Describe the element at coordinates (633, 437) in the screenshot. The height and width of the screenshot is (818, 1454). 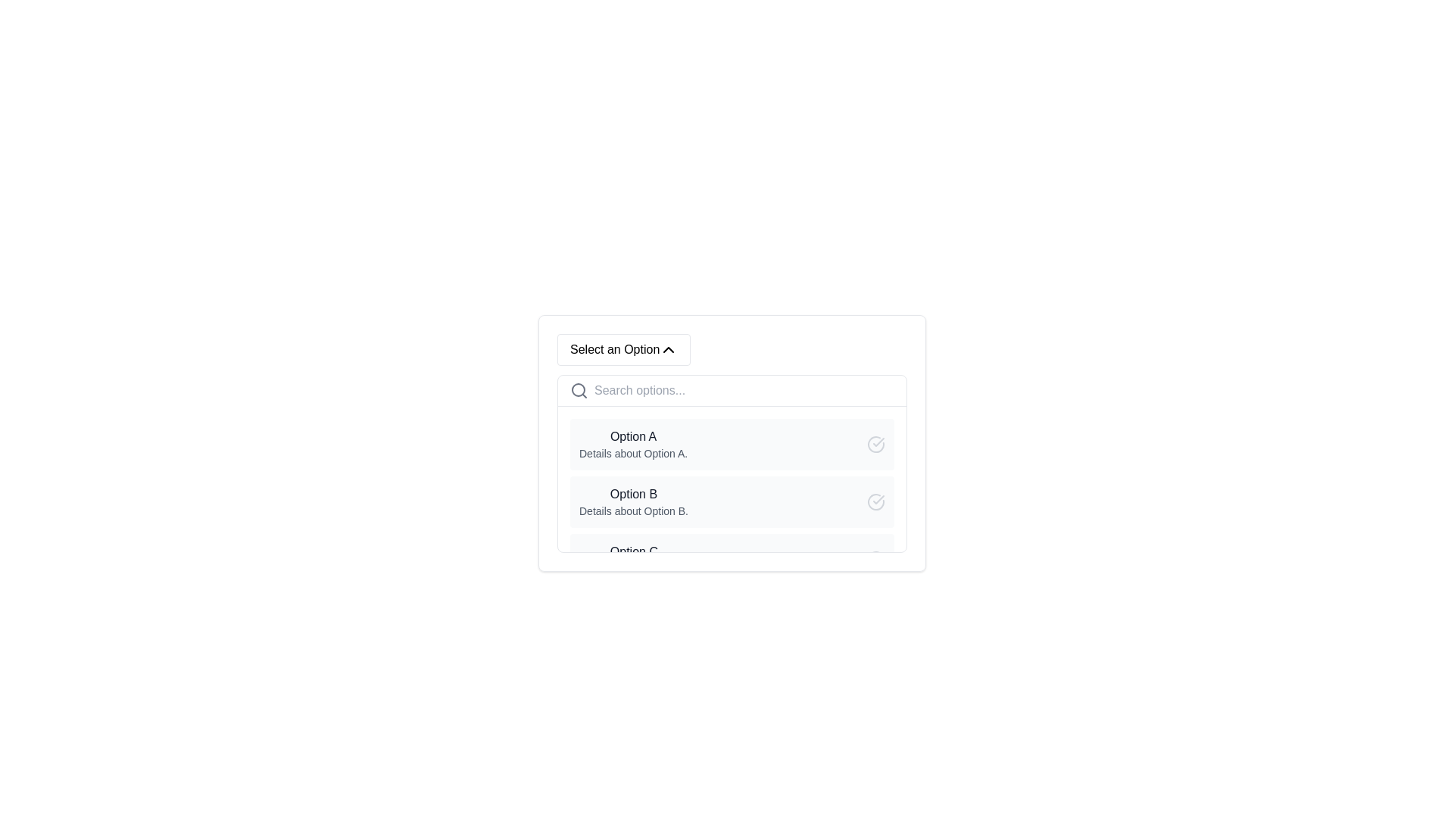
I see `the label 'Option A' within the dropdown menu that presents the title for this option, located near the top of the dropdown section` at that location.